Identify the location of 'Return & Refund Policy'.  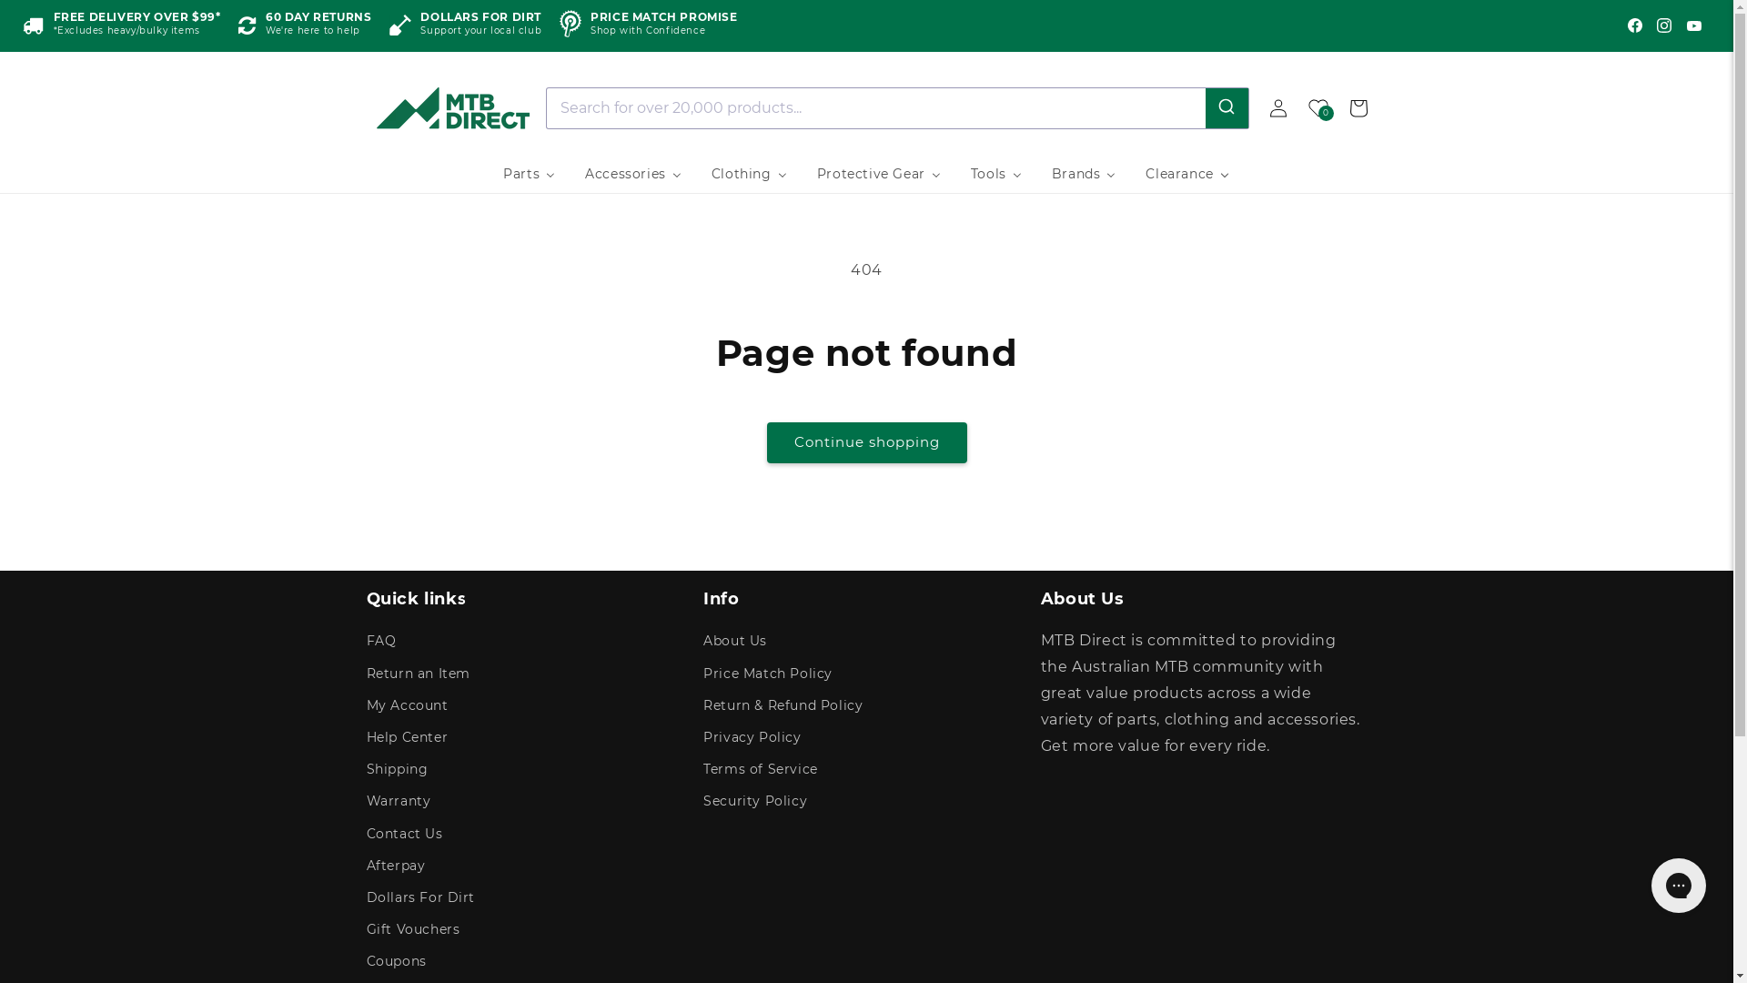
(783, 704).